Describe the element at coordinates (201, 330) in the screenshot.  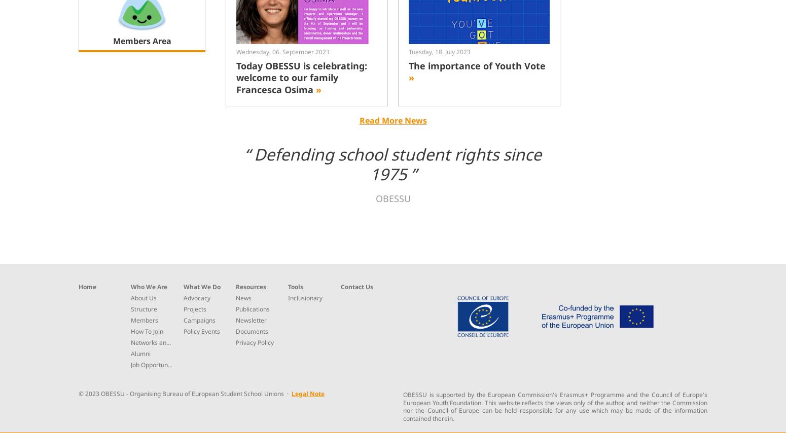
I see `'Policy Events'` at that location.